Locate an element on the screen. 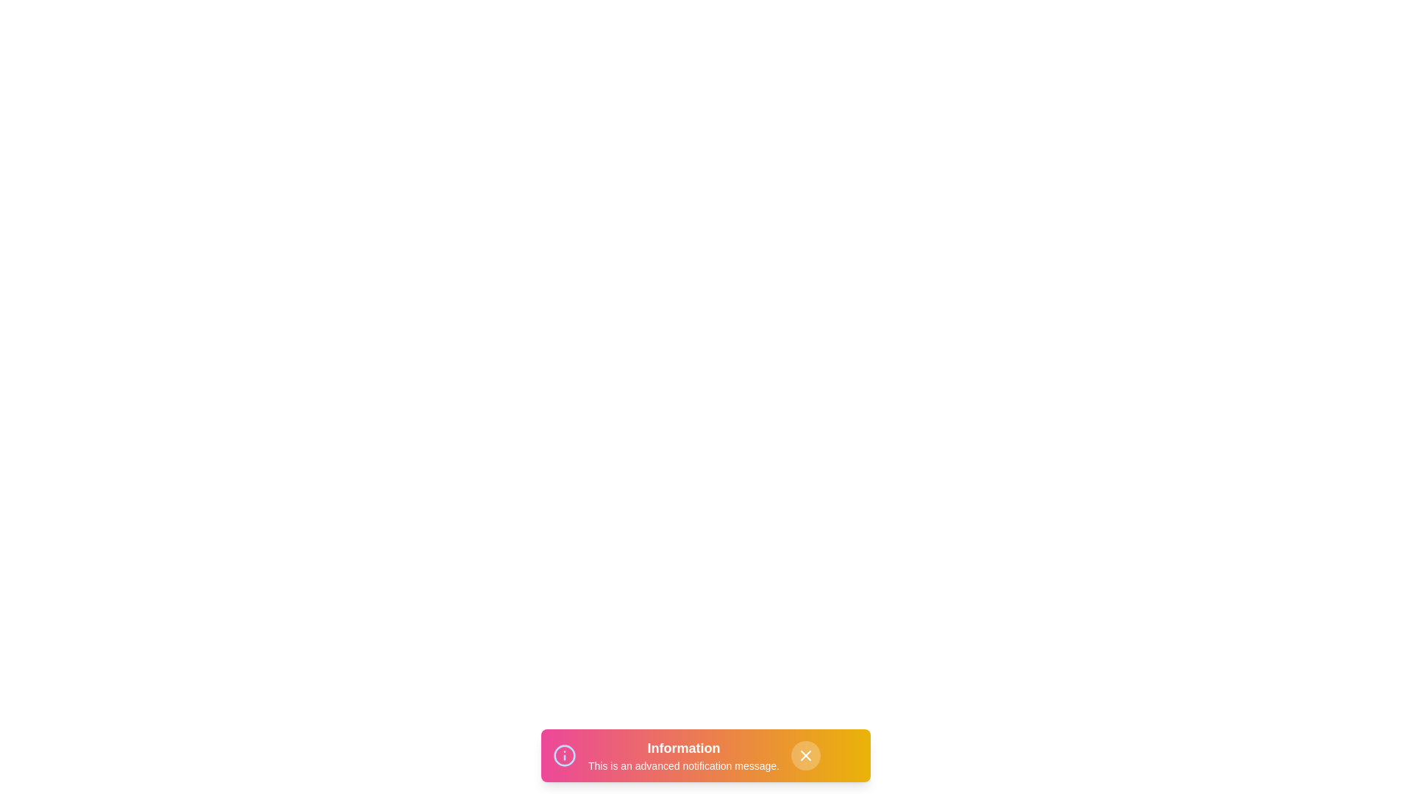 The image size is (1412, 794). close button to close the snackbar is located at coordinates (805, 756).